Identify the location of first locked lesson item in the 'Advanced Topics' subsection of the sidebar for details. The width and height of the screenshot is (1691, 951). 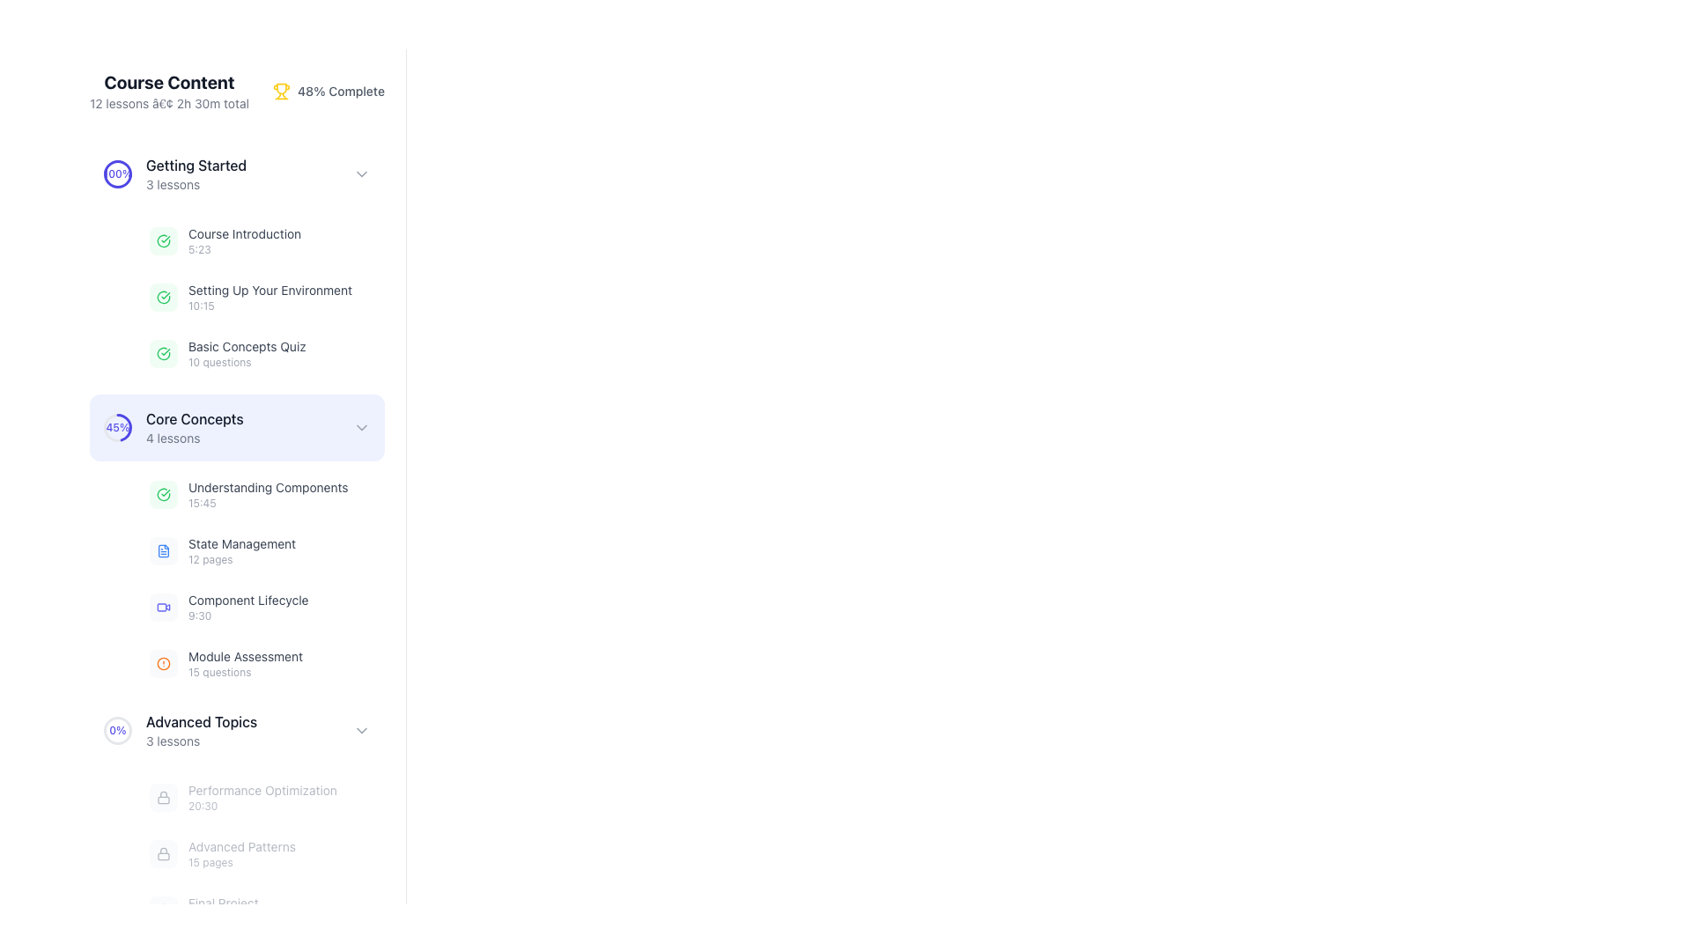
(236, 817).